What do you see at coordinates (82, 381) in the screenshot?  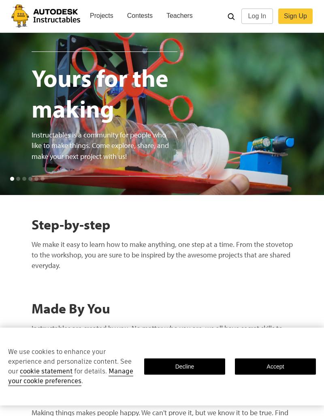 I see `'.'` at bounding box center [82, 381].